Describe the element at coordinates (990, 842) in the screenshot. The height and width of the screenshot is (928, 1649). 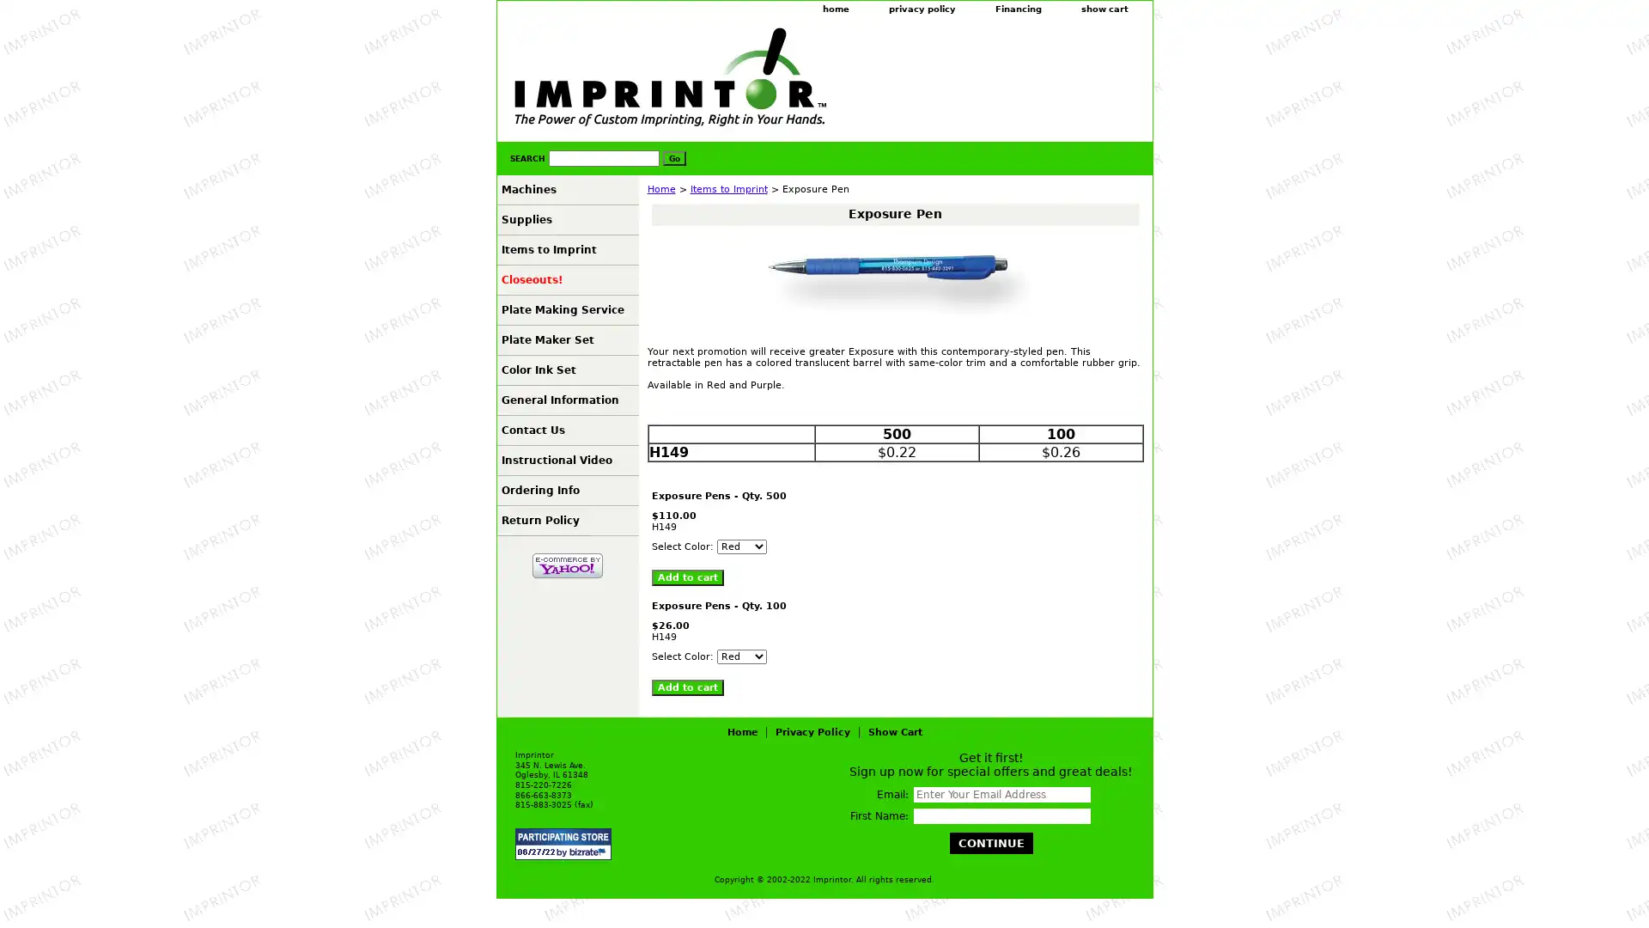
I see `Continue` at that location.